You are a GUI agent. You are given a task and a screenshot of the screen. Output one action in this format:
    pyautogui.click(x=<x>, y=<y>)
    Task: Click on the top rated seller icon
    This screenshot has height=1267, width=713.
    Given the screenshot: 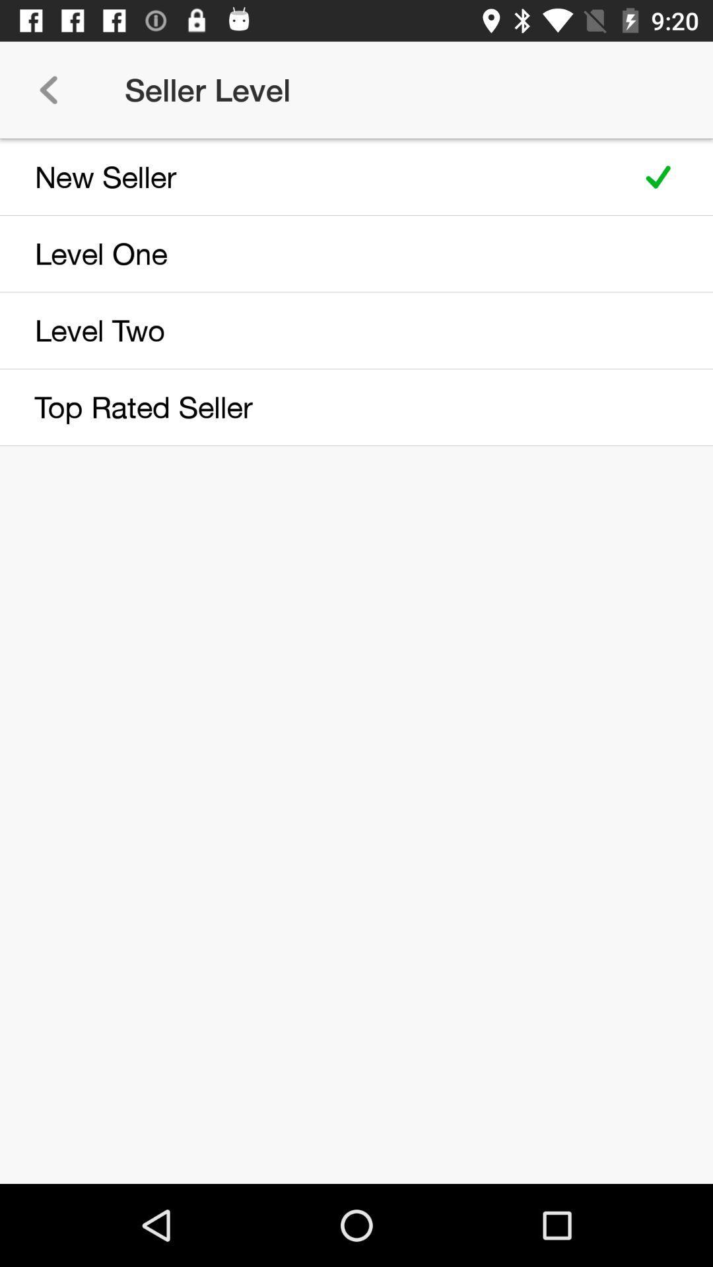 What is the action you would take?
    pyautogui.click(x=312, y=406)
    